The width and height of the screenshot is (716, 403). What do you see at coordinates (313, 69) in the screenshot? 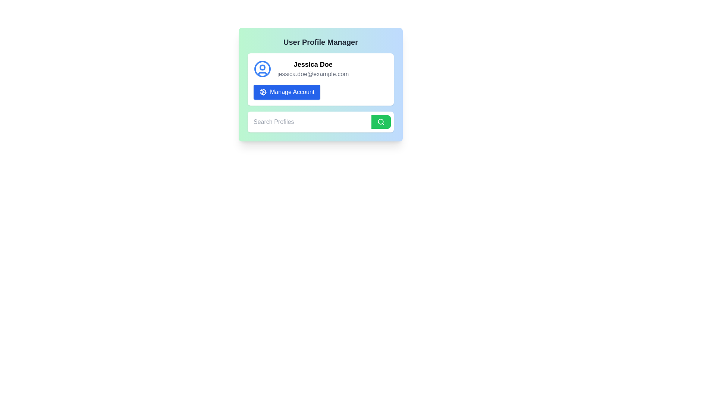
I see `the informational text display that shows the user's profile information, which includes their name and email address, located inside a profile box aligned to the right of a circular avatar` at bounding box center [313, 69].